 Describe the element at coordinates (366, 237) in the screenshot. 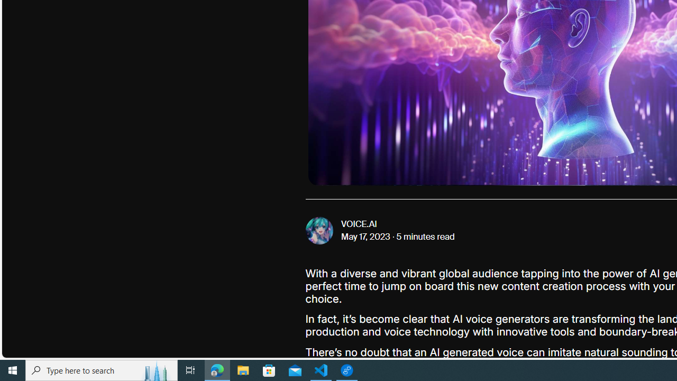

I see `'May 17, 2023'` at that location.